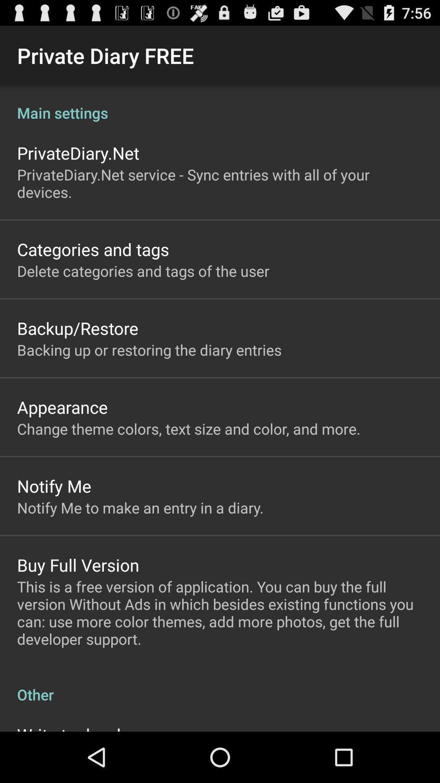 The image size is (440, 783). I want to click on the change theme colors item, so click(189, 428).